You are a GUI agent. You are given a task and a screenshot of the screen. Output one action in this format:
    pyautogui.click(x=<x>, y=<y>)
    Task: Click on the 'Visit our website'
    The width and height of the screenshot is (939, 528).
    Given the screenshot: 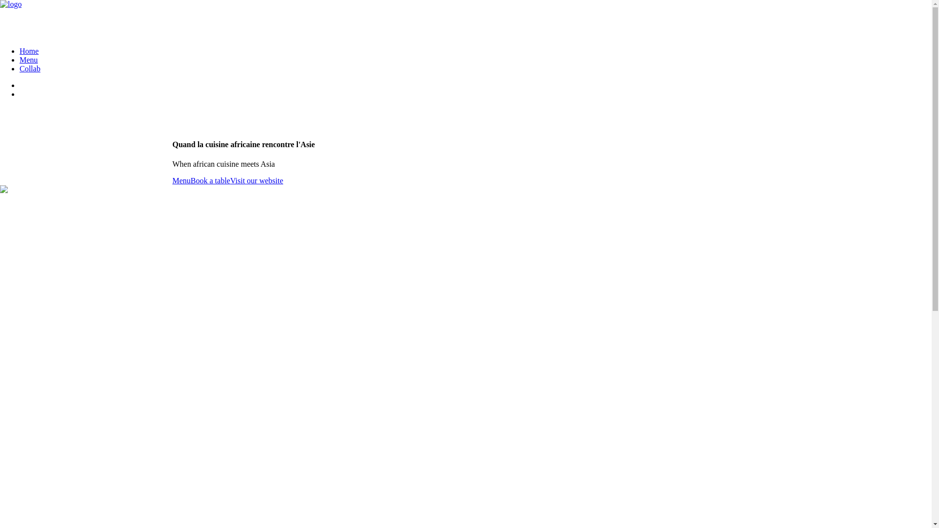 What is the action you would take?
    pyautogui.click(x=229, y=180)
    